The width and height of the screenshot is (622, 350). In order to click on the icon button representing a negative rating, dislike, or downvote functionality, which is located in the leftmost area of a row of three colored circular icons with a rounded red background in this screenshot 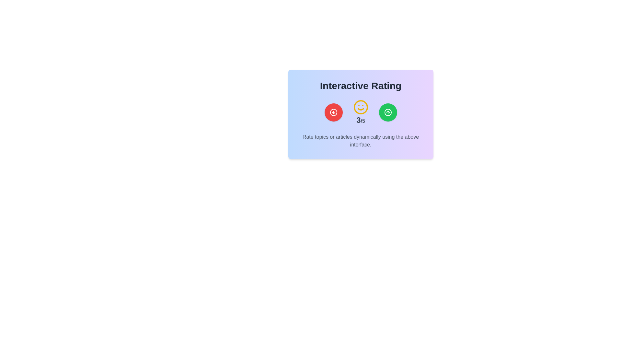, I will do `click(333, 112)`.